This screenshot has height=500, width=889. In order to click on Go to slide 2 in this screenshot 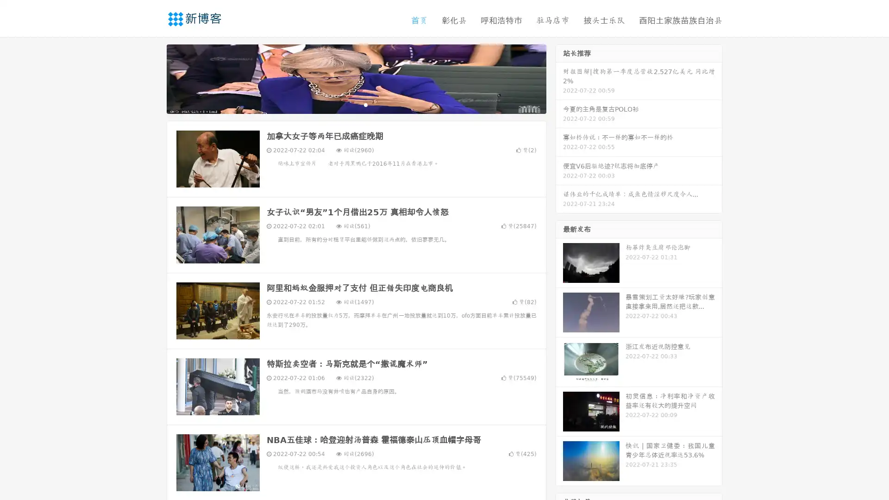, I will do `click(356, 104)`.